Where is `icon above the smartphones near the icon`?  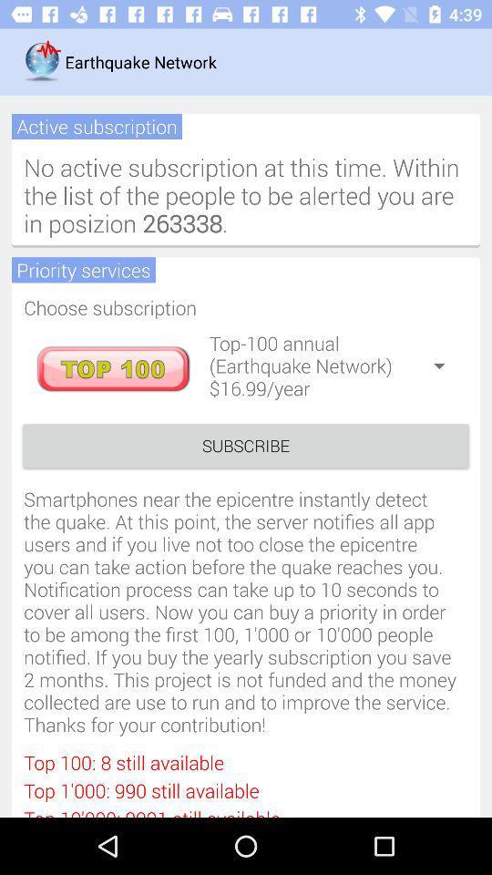
icon above the smartphones near the icon is located at coordinates (246, 445).